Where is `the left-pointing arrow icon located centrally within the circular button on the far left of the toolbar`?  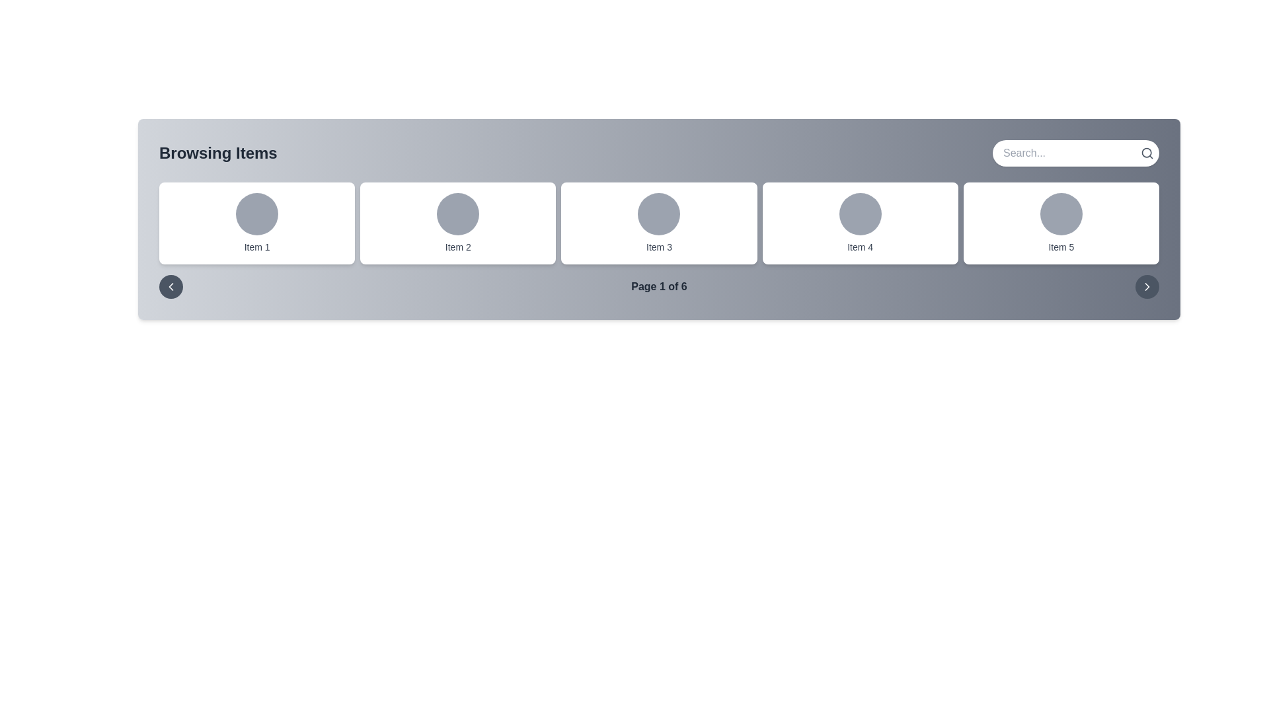 the left-pointing arrow icon located centrally within the circular button on the far left of the toolbar is located at coordinates (171, 286).